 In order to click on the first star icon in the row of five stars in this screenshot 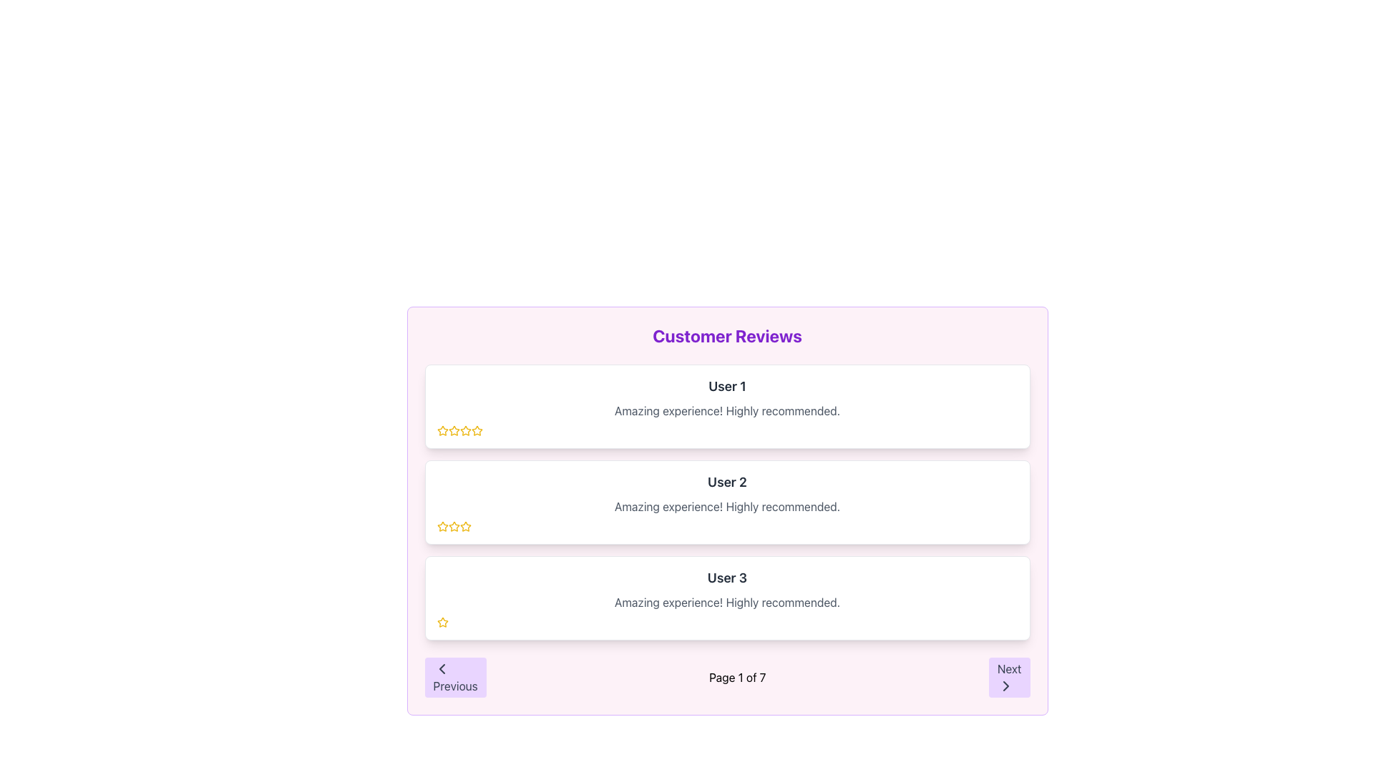, I will do `click(442, 526)`.